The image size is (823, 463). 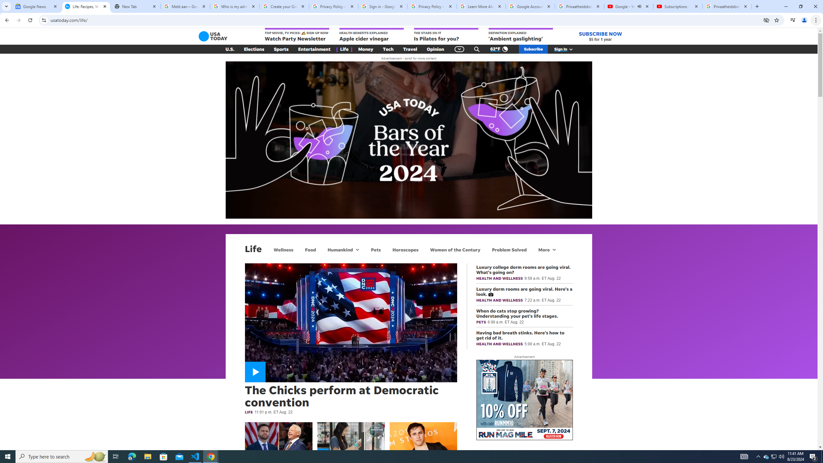 What do you see at coordinates (230, 49) in the screenshot?
I see `'U.S.'` at bounding box center [230, 49].